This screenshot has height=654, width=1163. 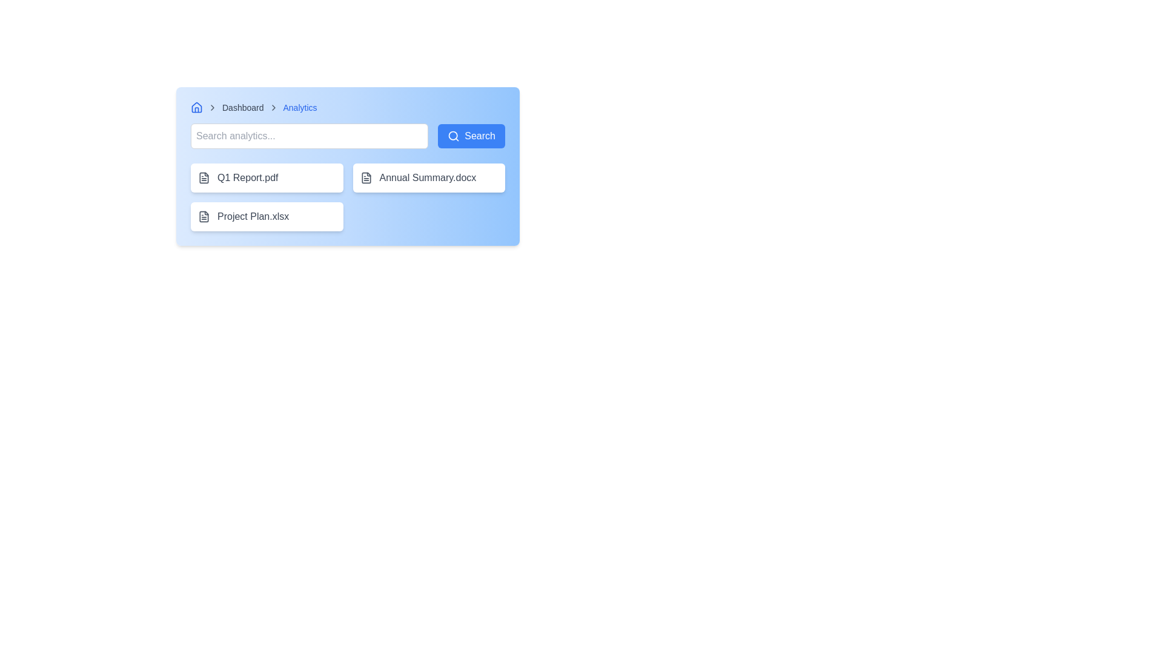 I want to click on the SVG circle that is part of the search icon, located in the top-right corner of the interface, so click(x=452, y=136).